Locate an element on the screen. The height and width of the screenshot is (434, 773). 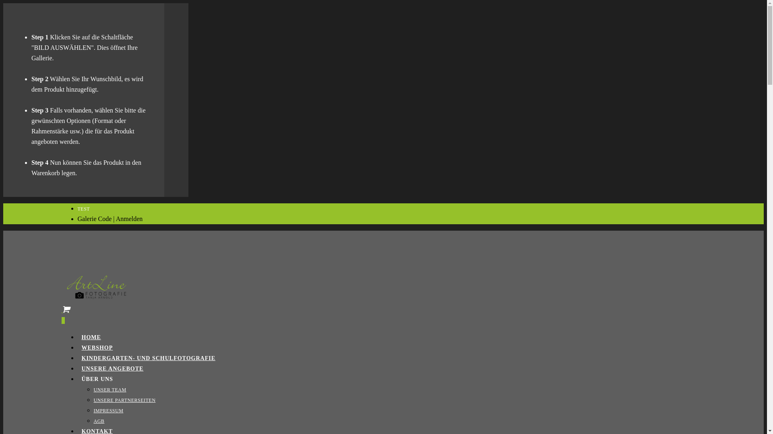
'IMPRESSUM' is located at coordinates (107, 411).